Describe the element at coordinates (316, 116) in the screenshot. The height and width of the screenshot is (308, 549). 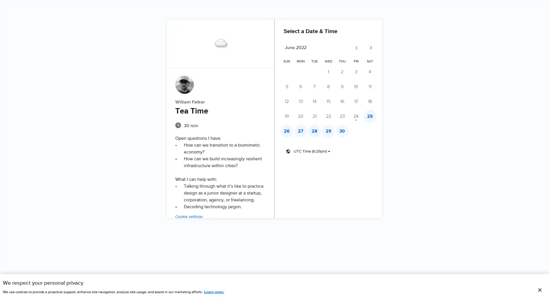
I see `Tuesday, June 21 - No times available` at that location.